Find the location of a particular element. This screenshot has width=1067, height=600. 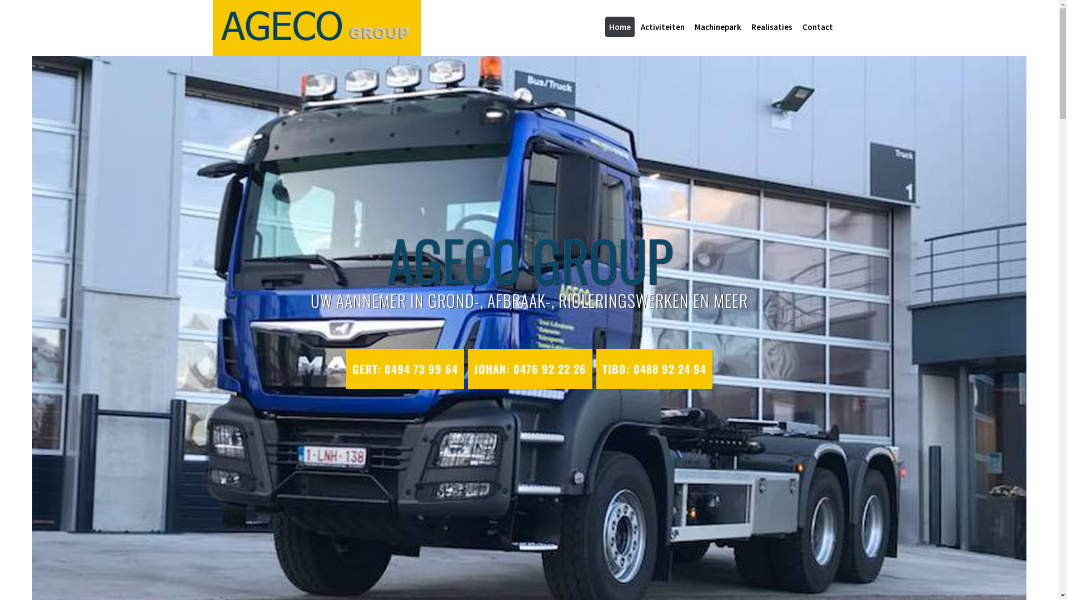

'Machinepark' is located at coordinates (717, 26).